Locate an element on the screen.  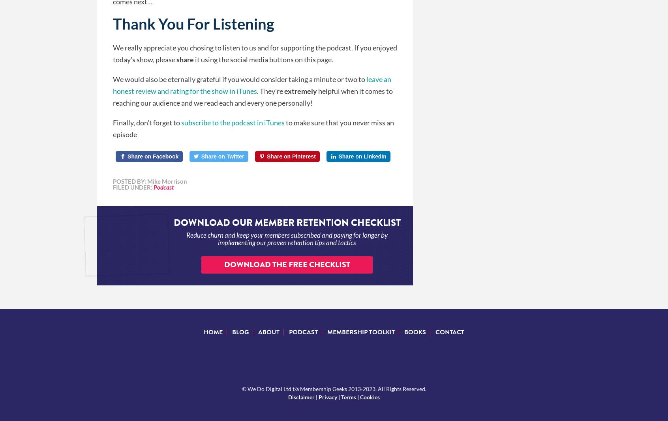
'Share on LinkedIn' is located at coordinates (338, 156).